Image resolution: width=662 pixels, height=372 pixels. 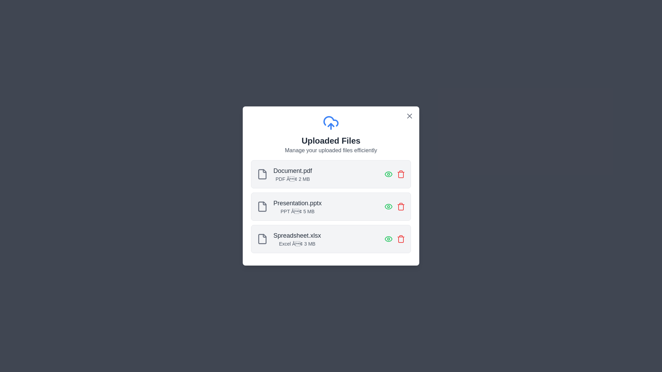 What do you see at coordinates (410, 115) in the screenshot?
I see `the 'X' shape icon inside the close button of the 'Uploaded Files' modal dialog, which is located in the top-right corner of the panel` at bounding box center [410, 115].